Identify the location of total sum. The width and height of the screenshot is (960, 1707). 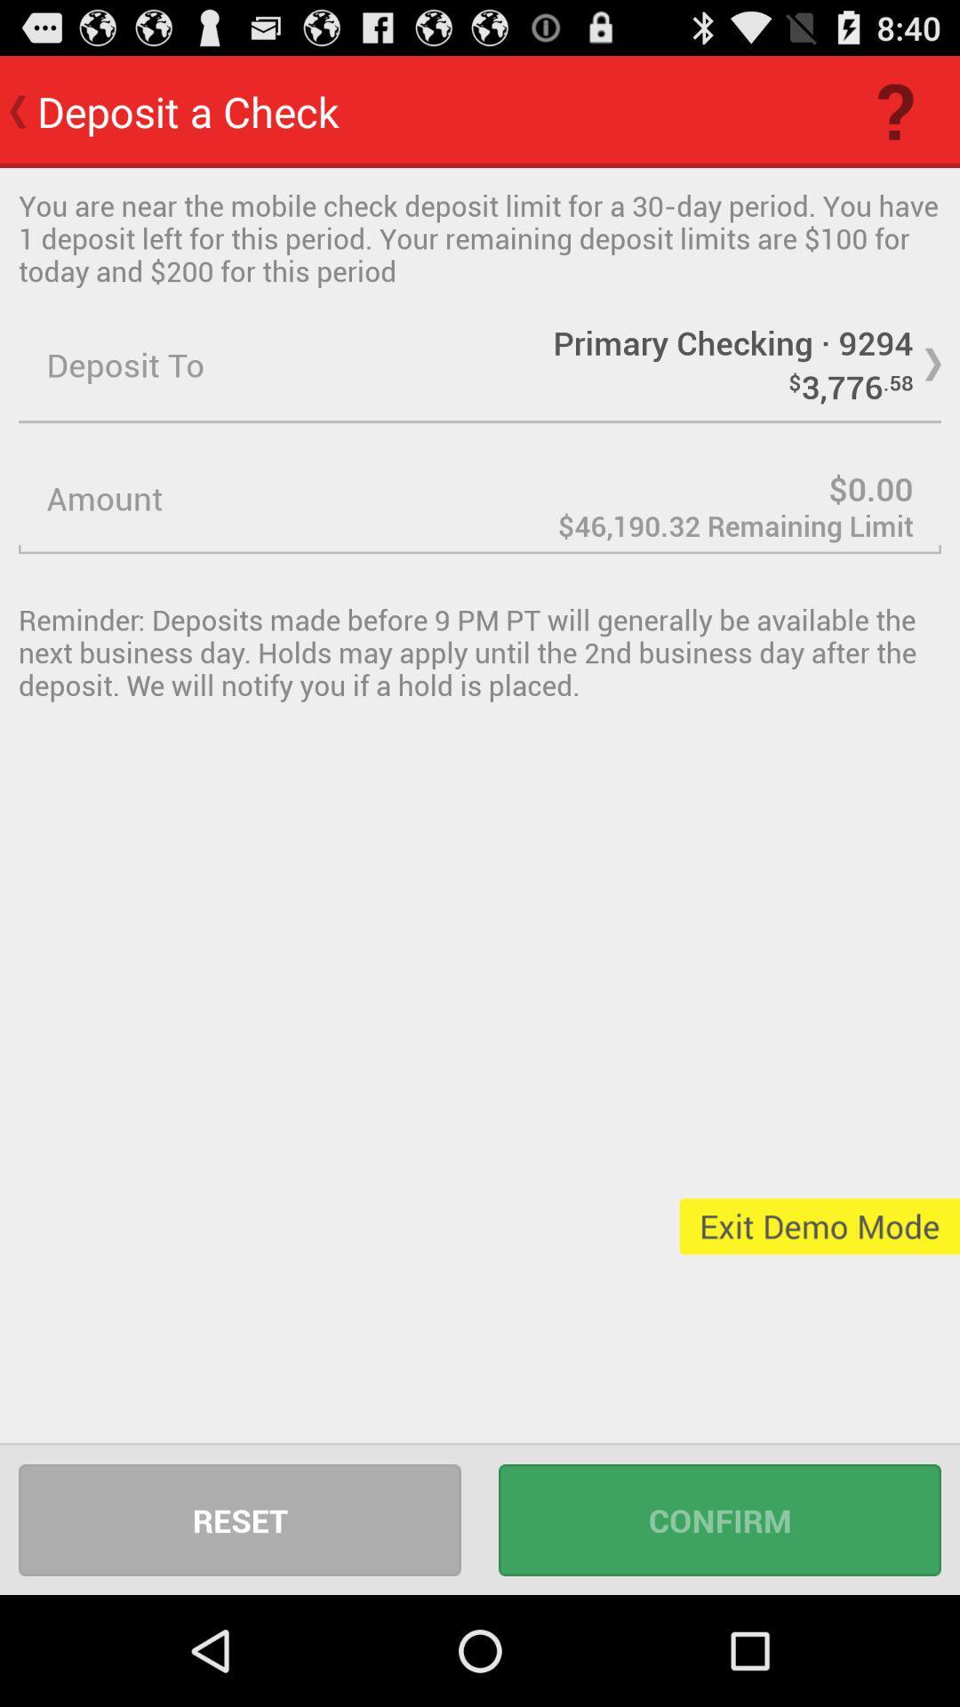
(480, 498).